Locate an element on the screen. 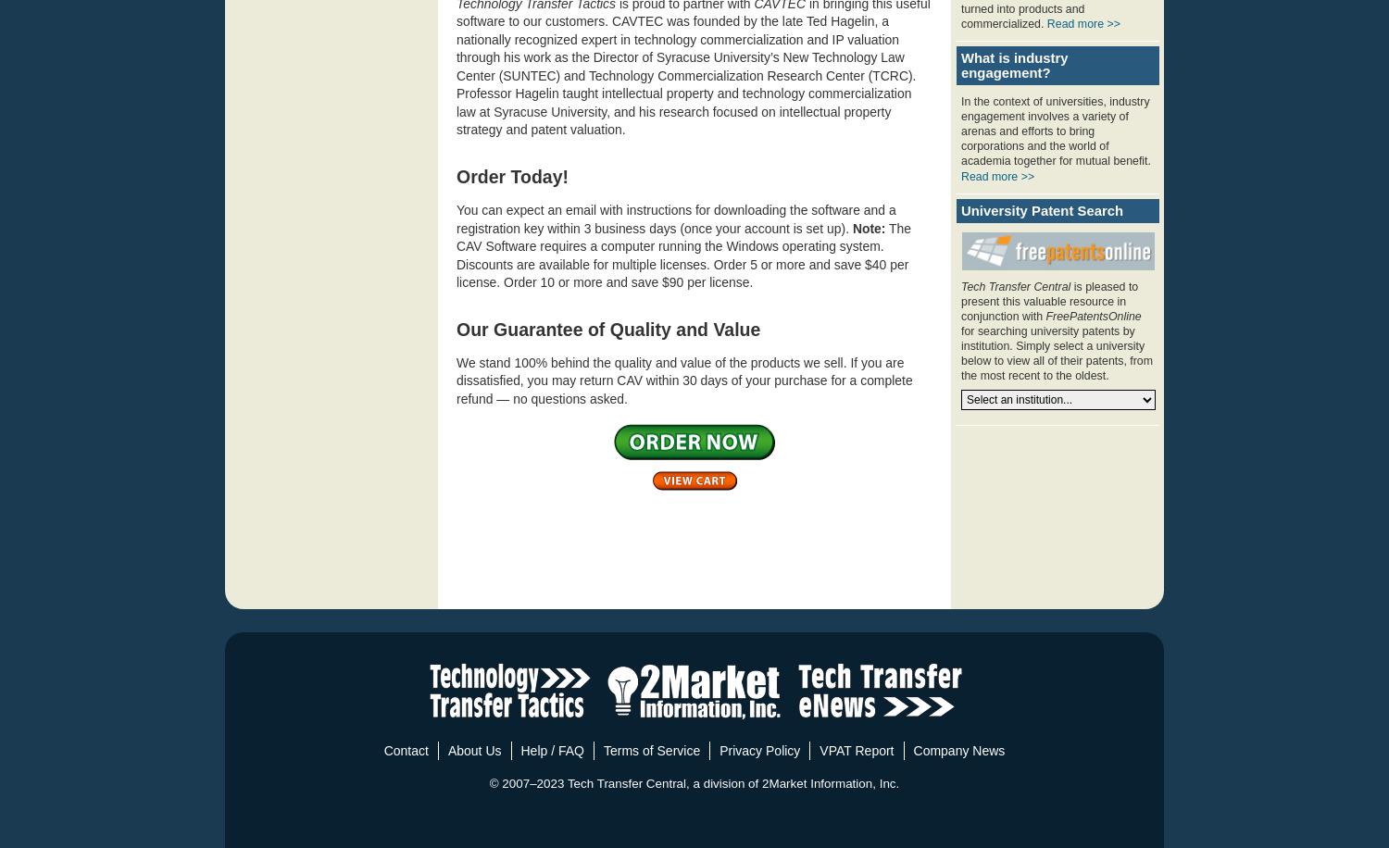  'Help / FAQ' is located at coordinates (550, 750).